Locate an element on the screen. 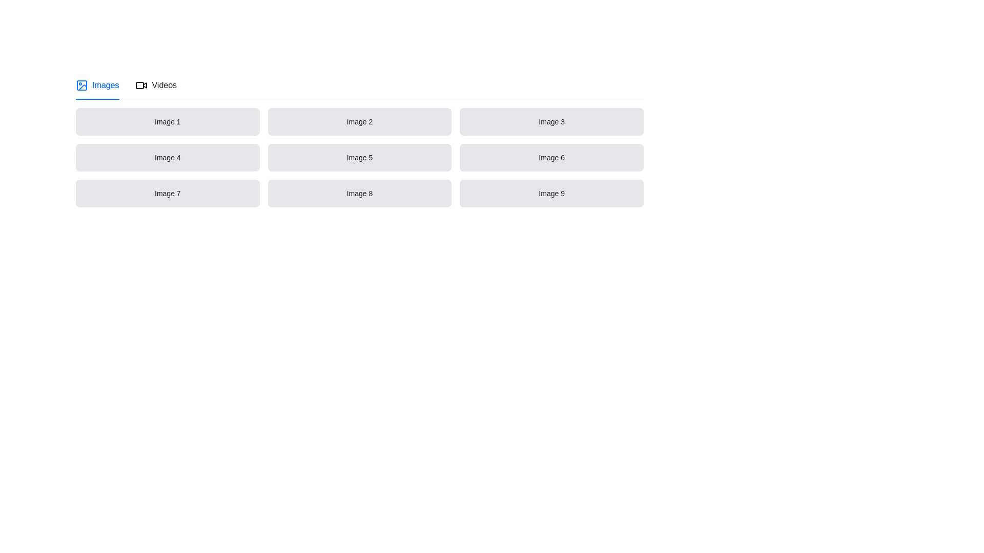  the label with the text 'Image 4', which is a rectangular box with a light gray background and rounded corners, located in the leftmost cell of the second row in a 3x3 grid layout is located at coordinates (168, 158).